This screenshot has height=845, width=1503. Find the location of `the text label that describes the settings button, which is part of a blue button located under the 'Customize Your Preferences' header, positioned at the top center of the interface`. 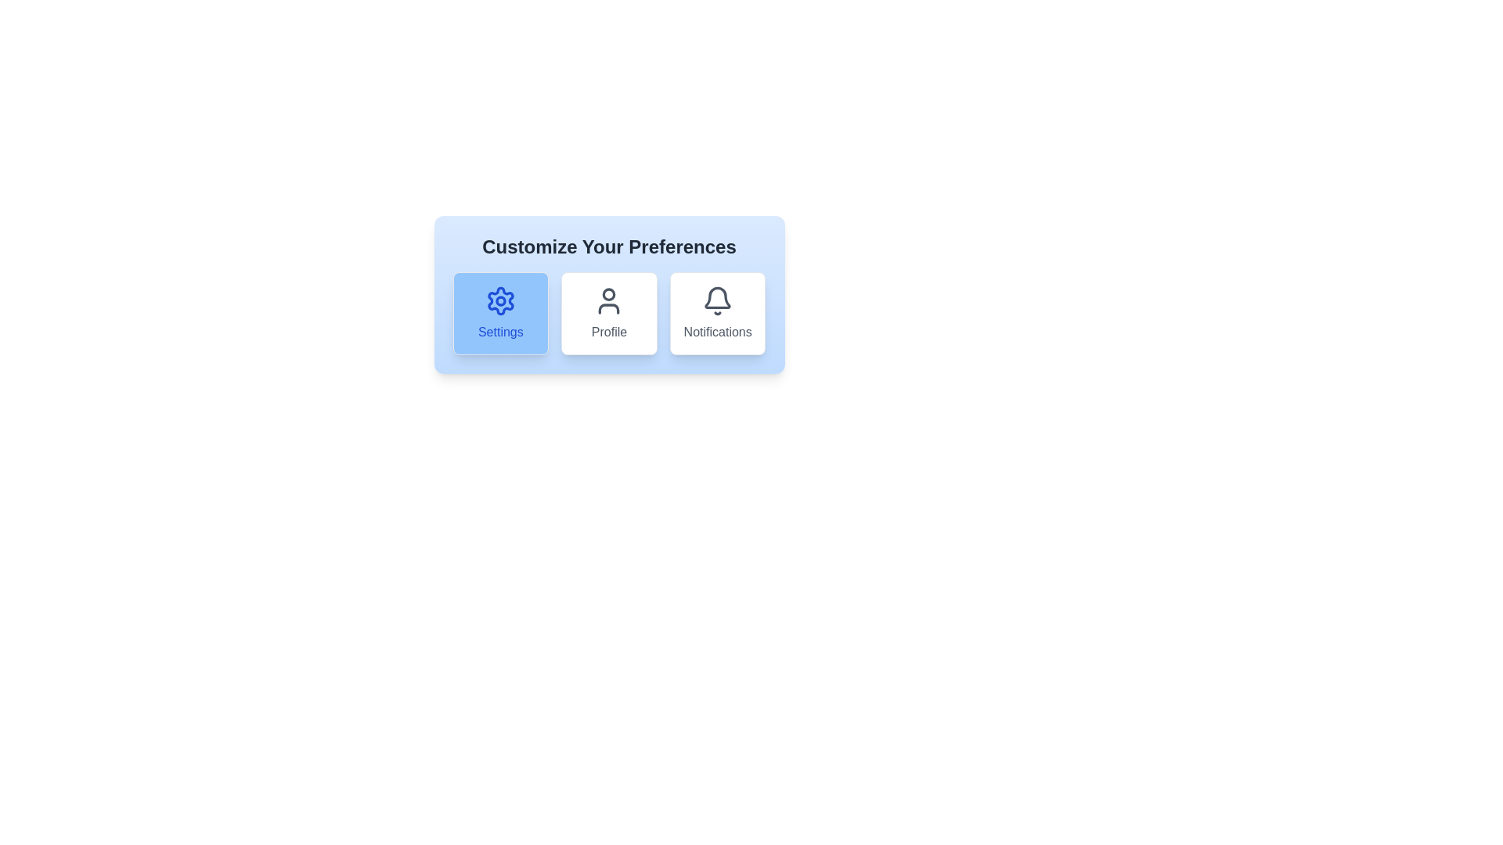

the text label that describes the settings button, which is part of a blue button located under the 'Customize Your Preferences' header, positioned at the top center of the interface is located at coordinates (499, 331).